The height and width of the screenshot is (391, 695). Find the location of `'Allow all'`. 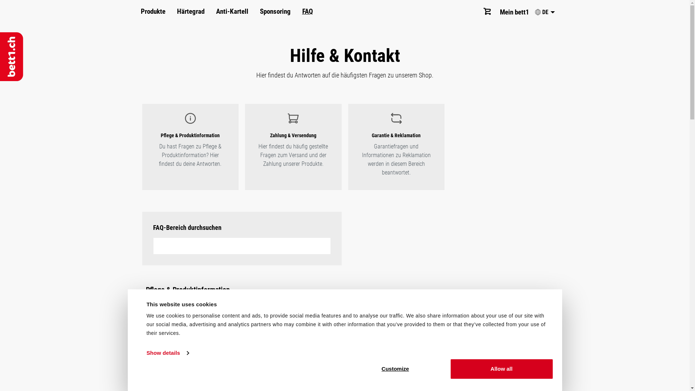

'Allow all' is located at coordinates (501, 369).